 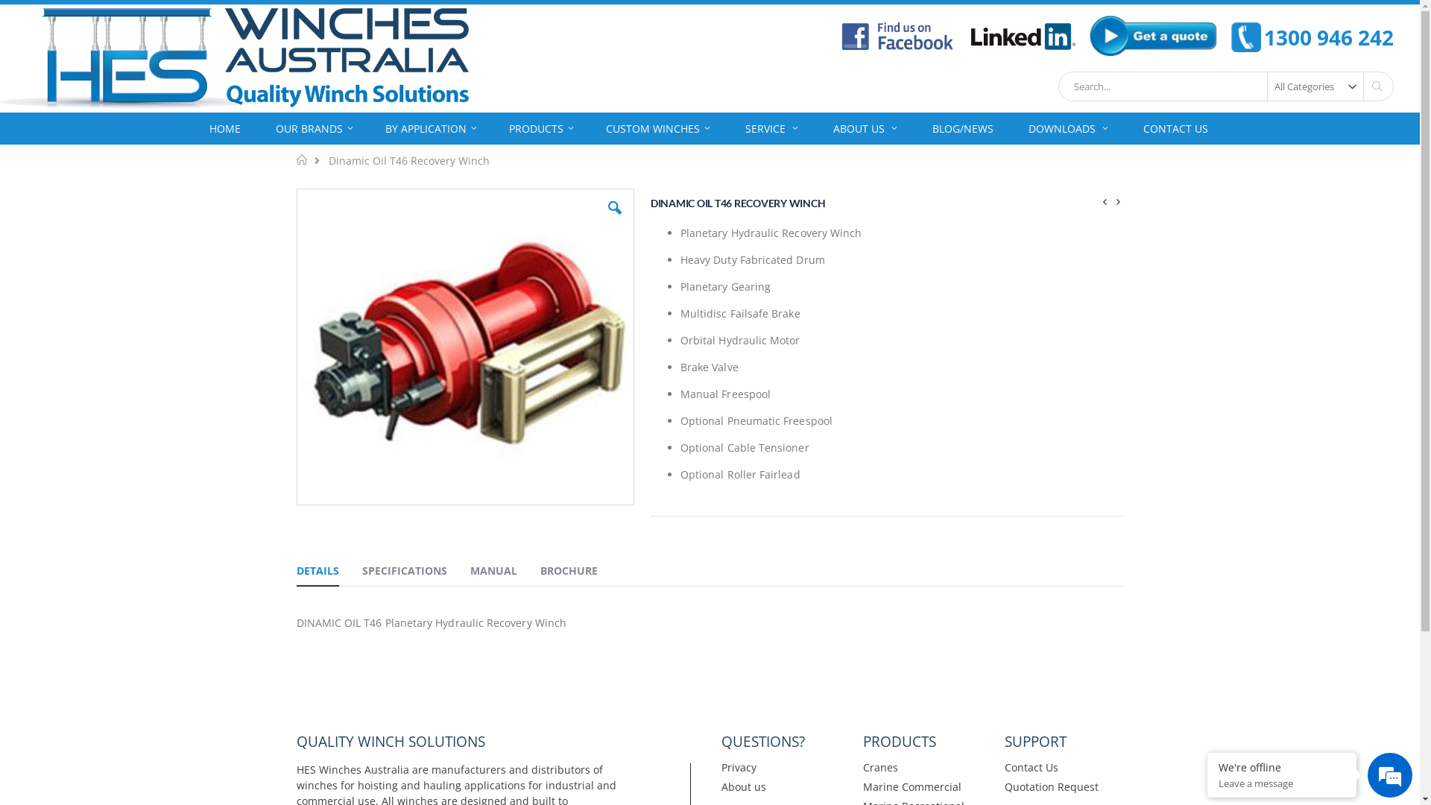 I want to click on 'Skip to the end of the images gallery', so click(x=294, y=187).